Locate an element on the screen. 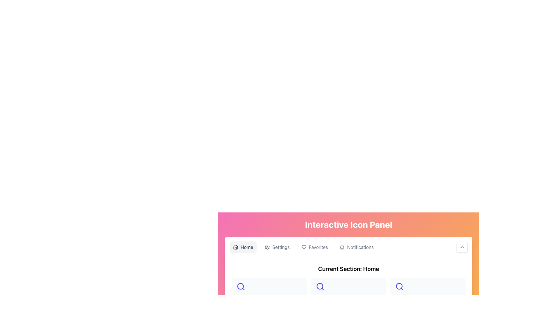 The height and width of the screenshot is (313, 558). the text header that reads 'Interactive Icon Panel', which is styled in a bold, large font and displayed on a gradient background transitioning from pink to yellow is located at coordinates (348, 224).